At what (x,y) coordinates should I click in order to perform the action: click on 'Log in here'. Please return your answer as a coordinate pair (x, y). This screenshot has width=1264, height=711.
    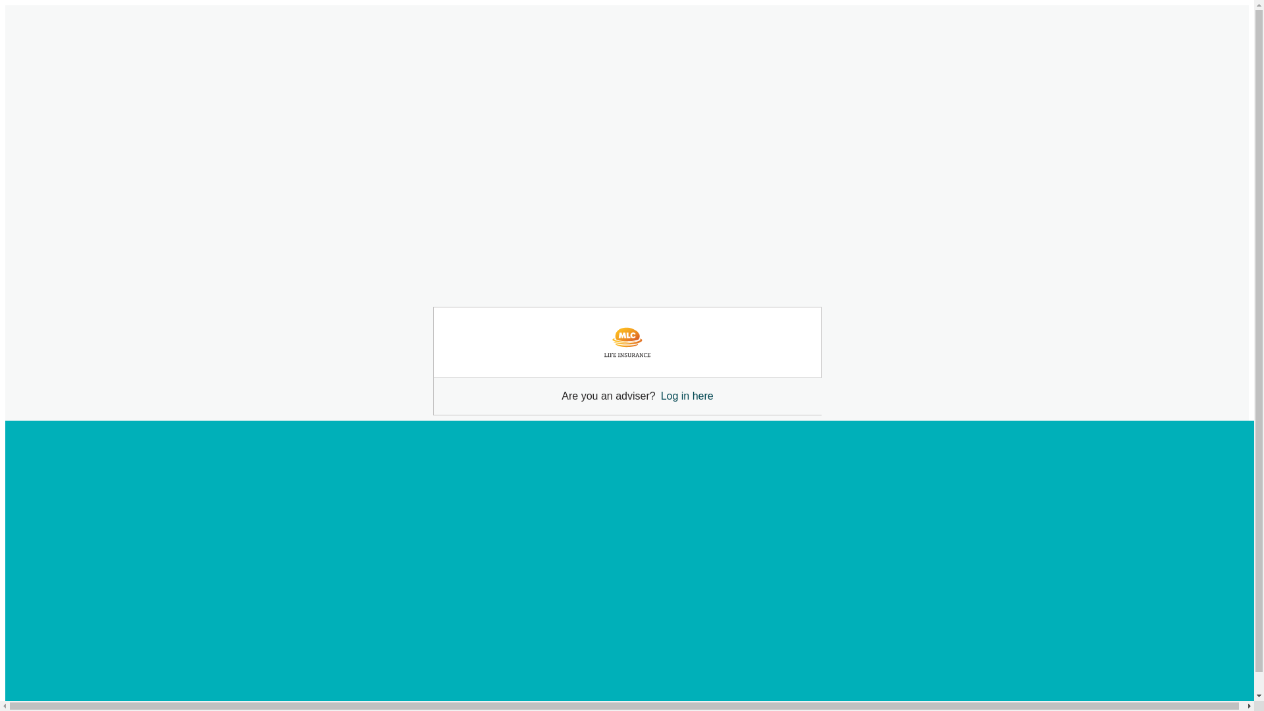
    Looking at the image, I should click on (686, 395).